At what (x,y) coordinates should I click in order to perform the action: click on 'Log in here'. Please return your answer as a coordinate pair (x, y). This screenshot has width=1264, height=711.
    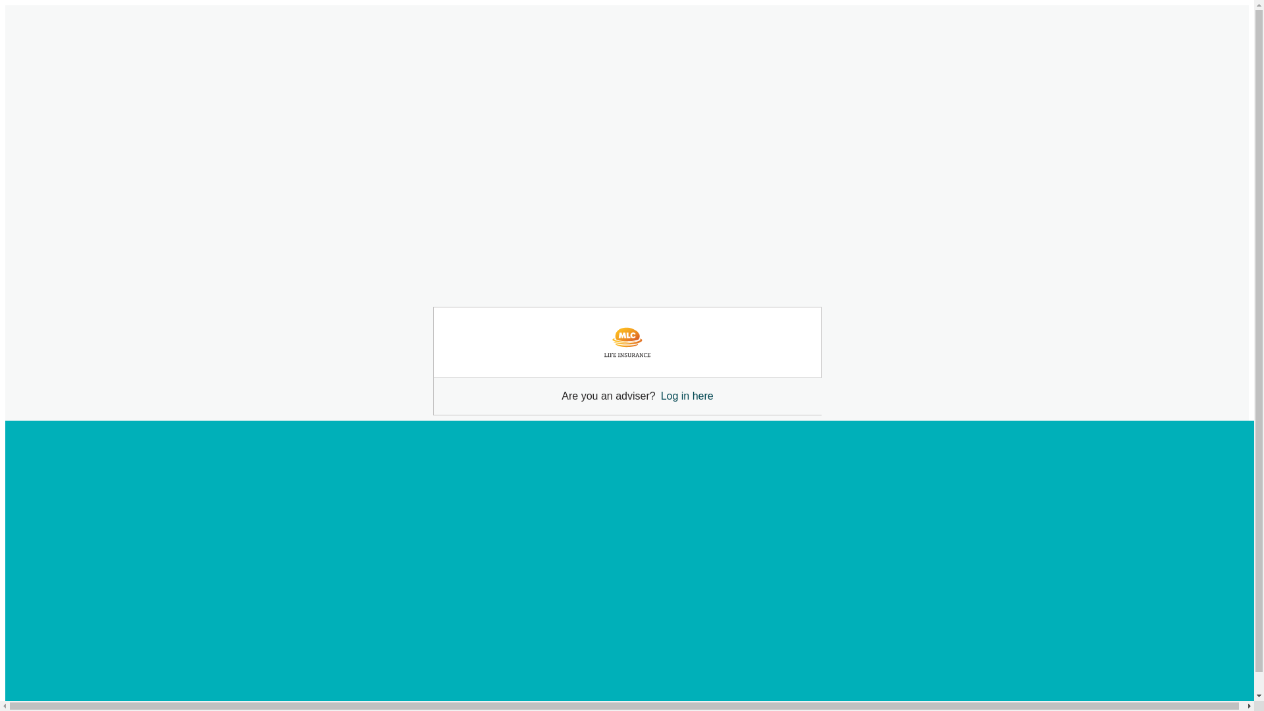
    Looking at the image, I should click on (686, 395).